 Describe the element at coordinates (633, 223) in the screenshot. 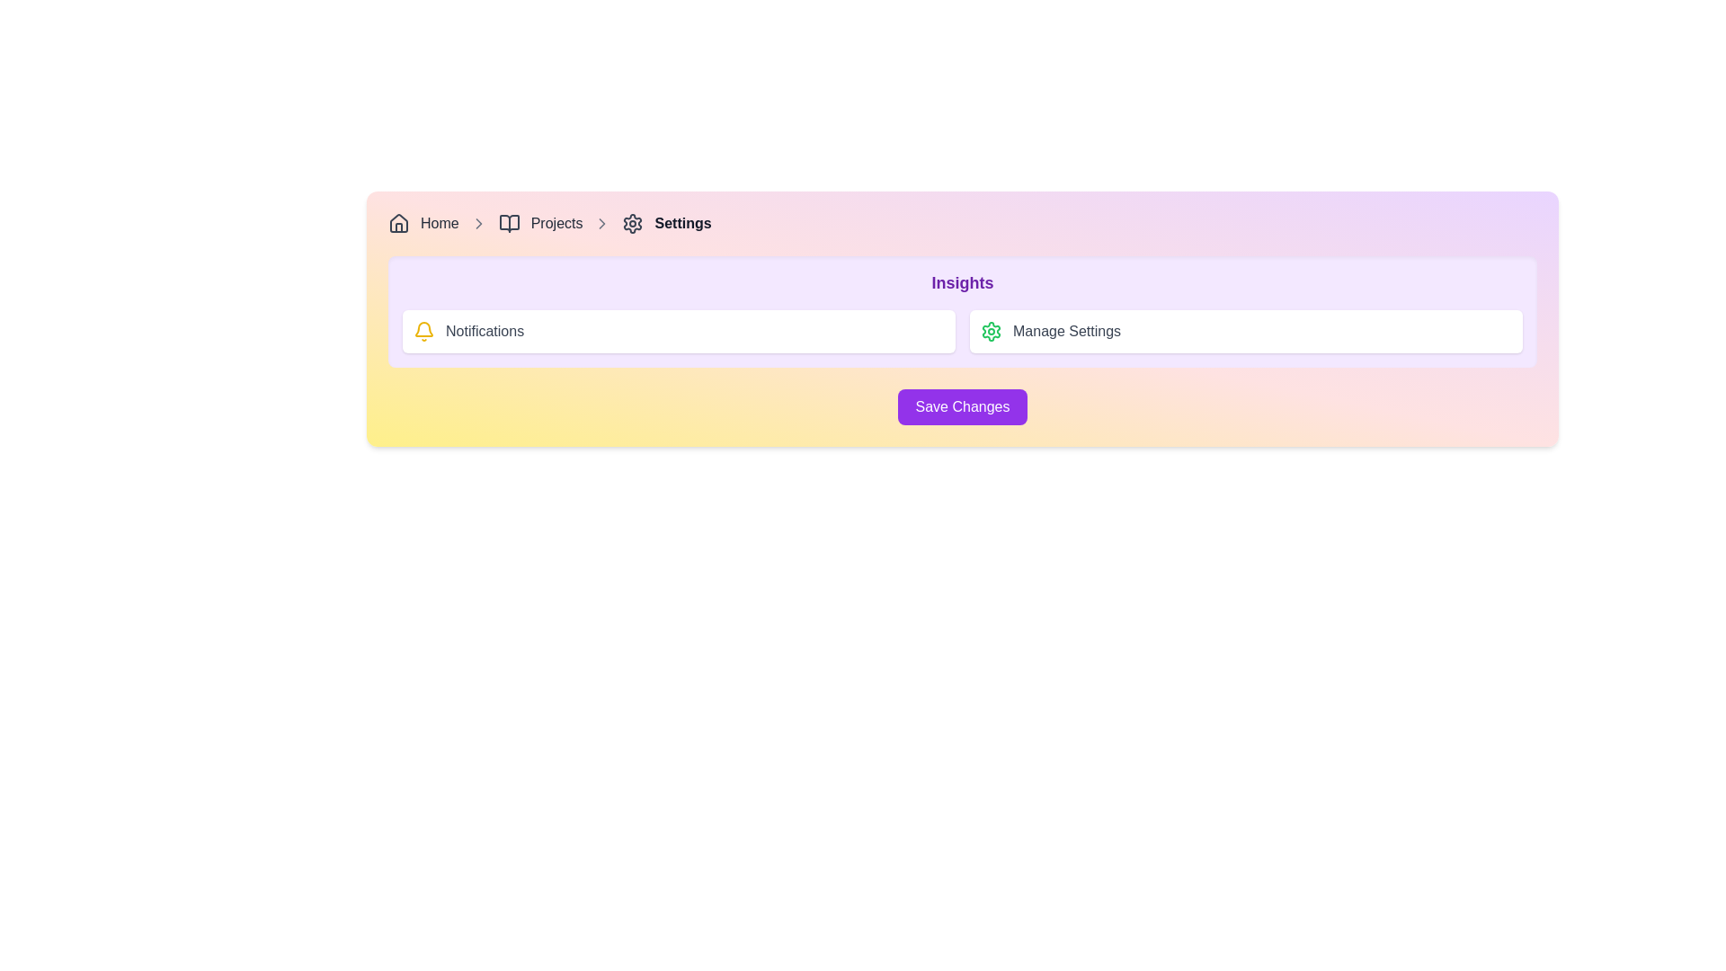

I see `the gear icon in the breadcrumb navigation bar, which is positioned between 'Projects' and 'Settings'` at that location.